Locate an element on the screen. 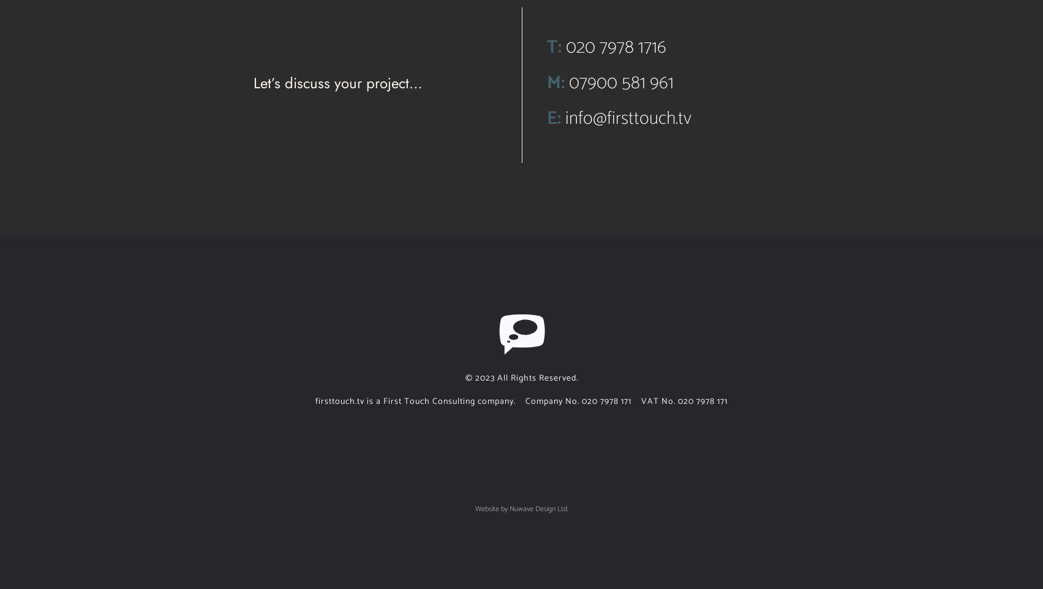  '07900 581 961' is located at coordinates (620, 82).